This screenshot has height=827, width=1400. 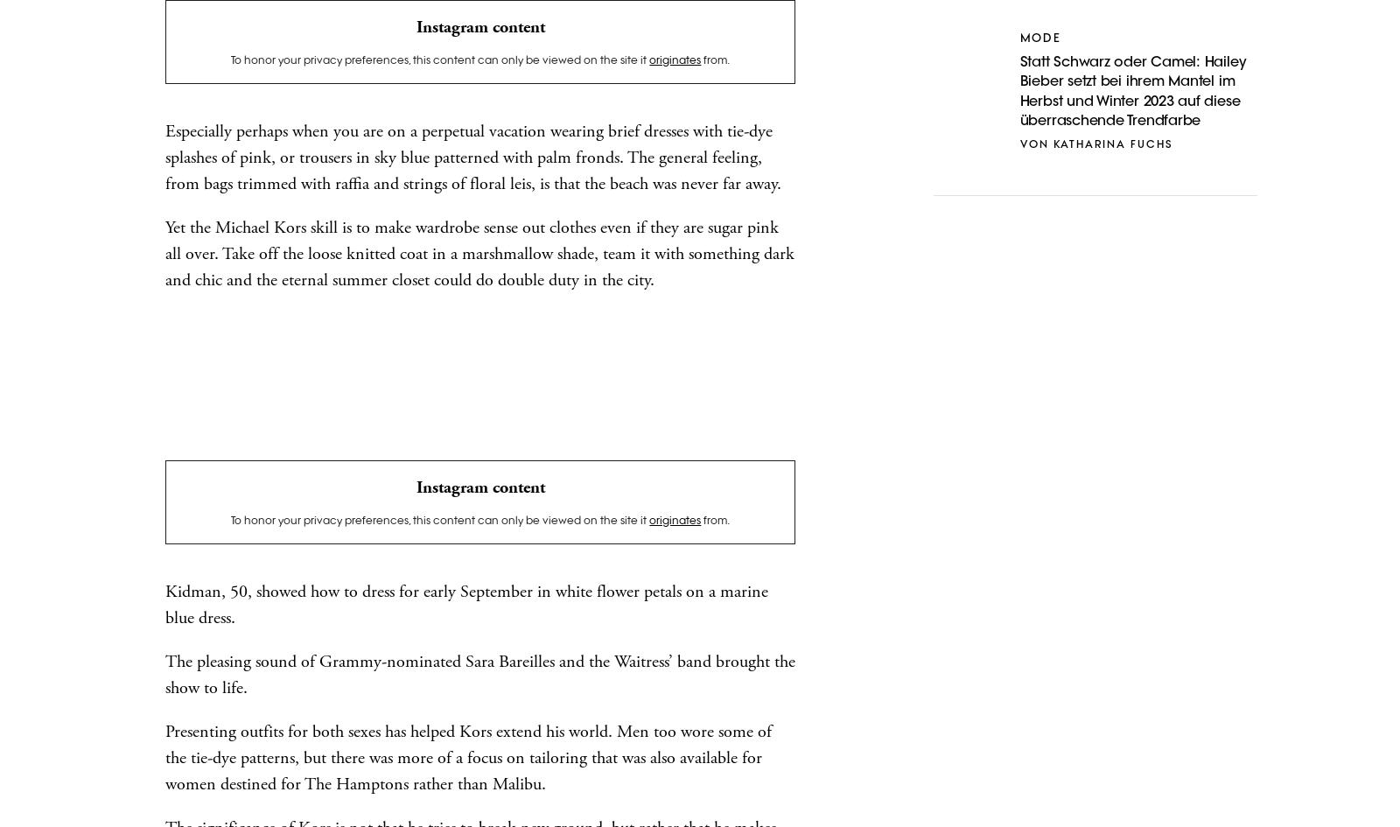 What do you see at coordinates (467, 757) in the screenshot?
I see `'Presenting outfits for both sexes has helped Kors extend his world. Men too wore some of the tie-dye patterns, but there was more of a focus on tailoring that was also available for women destined for The Hamptons rather than Malibu.'` at bounding box center [467, 757].